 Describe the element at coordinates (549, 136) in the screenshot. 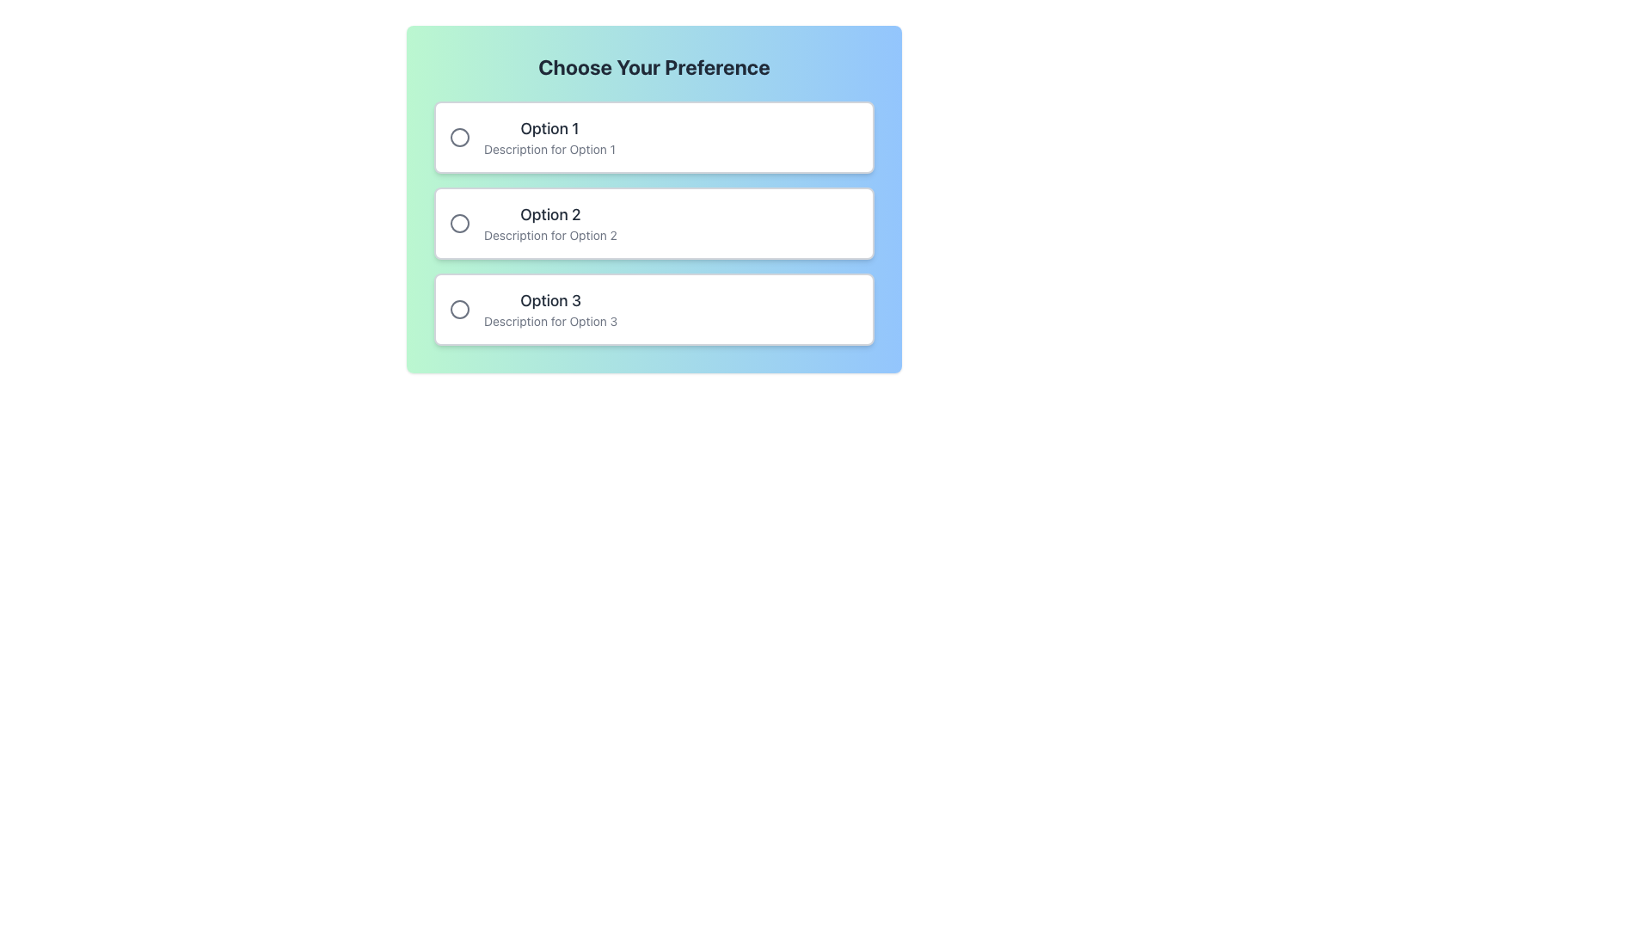

I see `the text block that displays 'Option 1' with a description stating 'Description for Option 1', which is the first item in the vertical list of options below the heading 'Choose Your Preference'` at that location.